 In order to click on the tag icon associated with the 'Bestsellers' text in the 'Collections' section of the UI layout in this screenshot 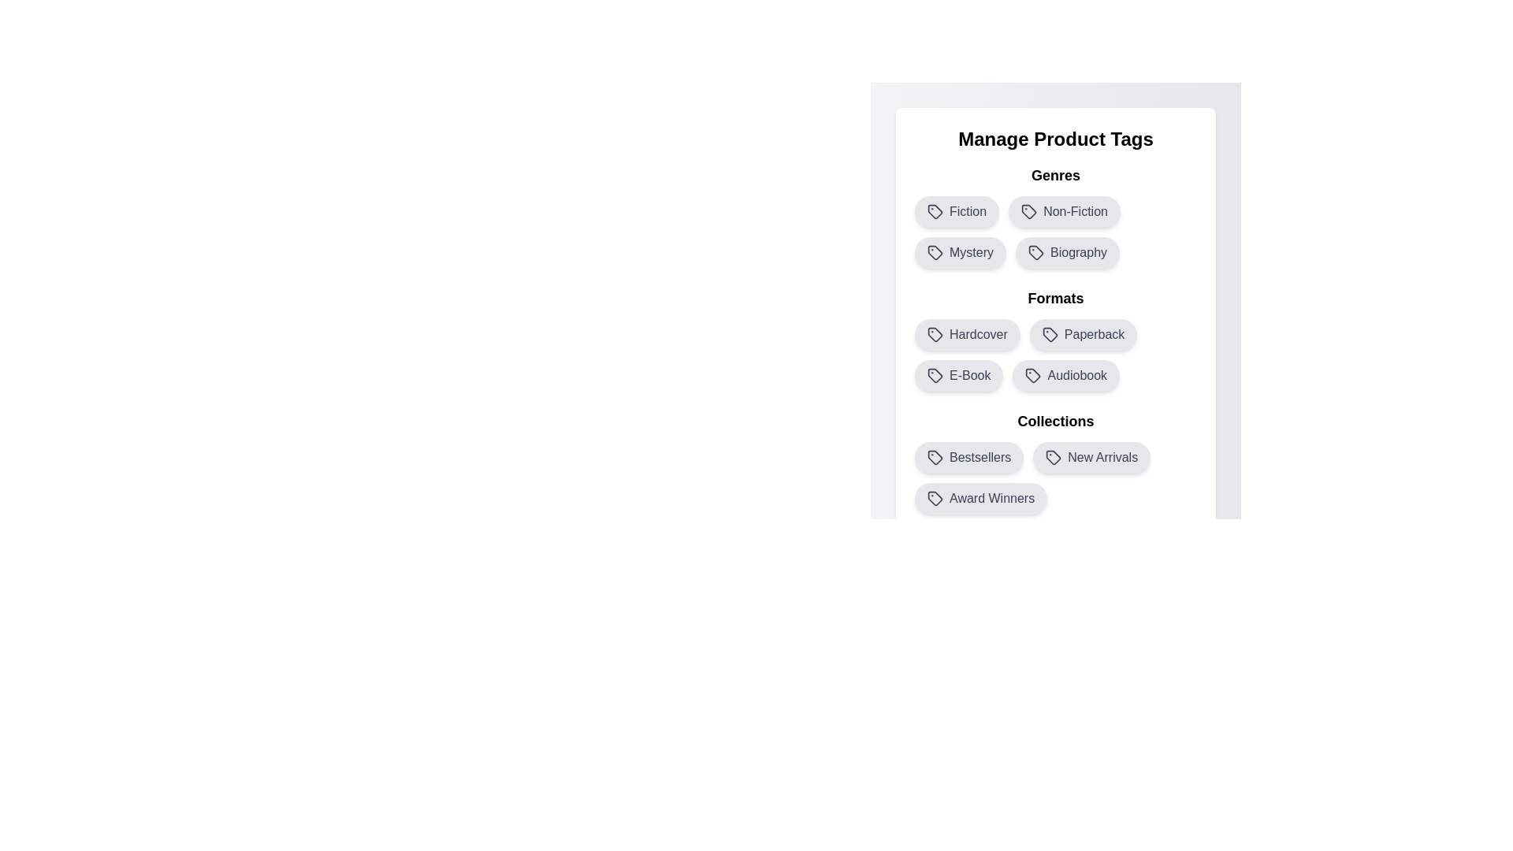, I will do `click(935, 458)`.